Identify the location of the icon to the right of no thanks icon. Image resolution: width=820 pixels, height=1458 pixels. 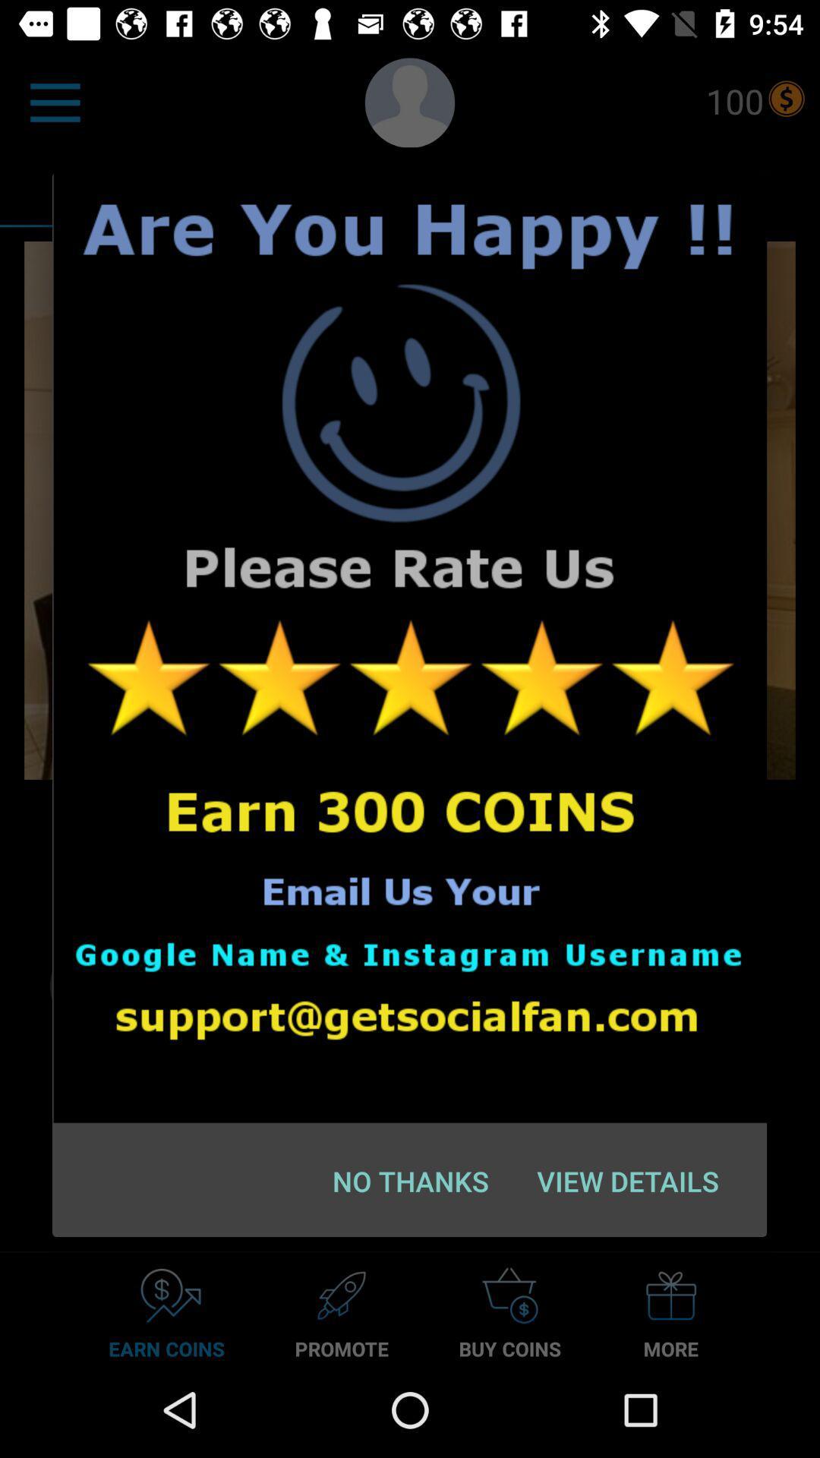
(628, 1180).